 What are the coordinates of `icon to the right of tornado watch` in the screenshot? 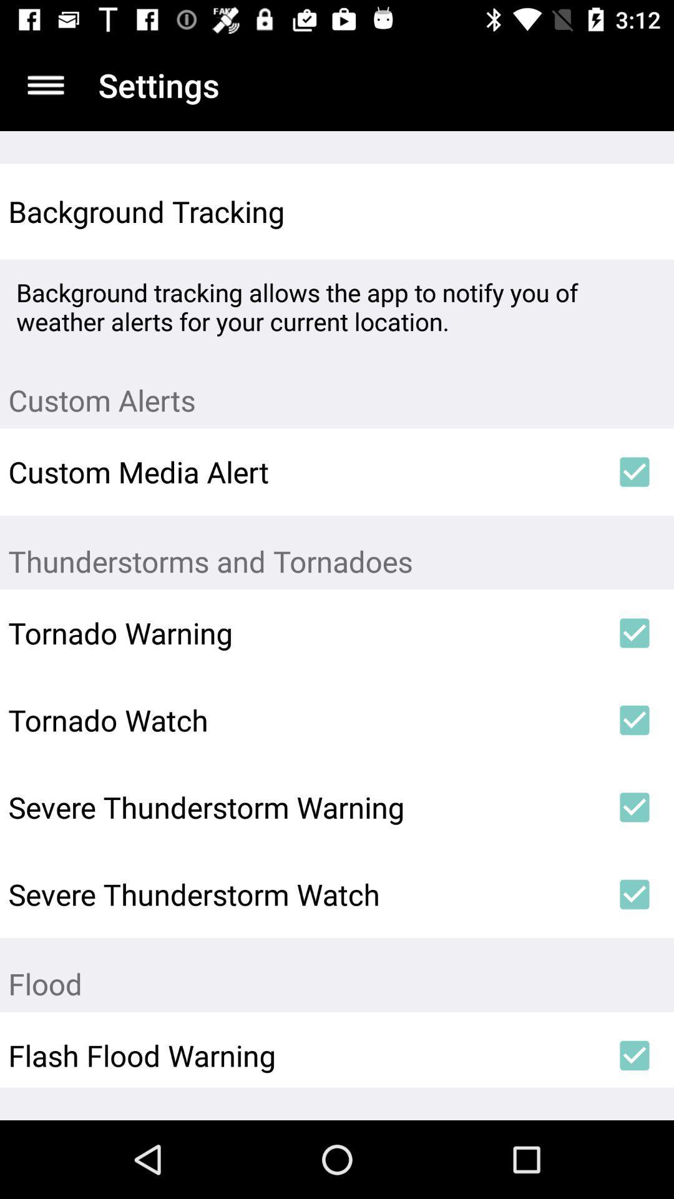 It's located at (635, 720).